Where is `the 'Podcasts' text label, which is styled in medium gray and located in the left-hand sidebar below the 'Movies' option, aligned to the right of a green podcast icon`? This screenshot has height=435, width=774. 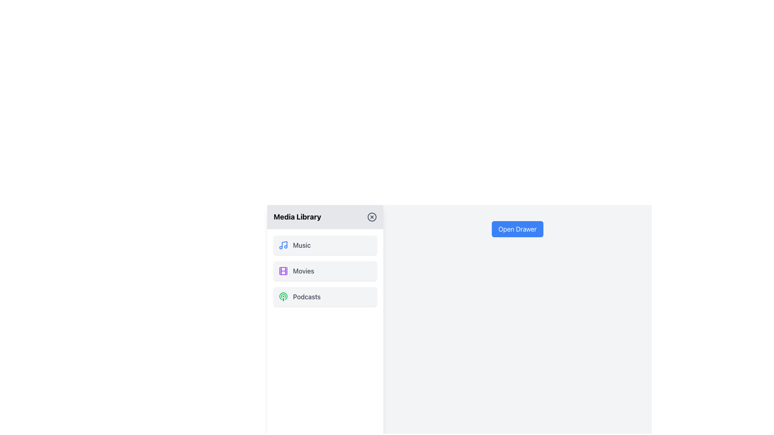 the 'Podcasts' text label, which is styled in medium gray and located in the left-hand sidebar below the 'Movies' option, aligned to the right of a green podcast icon is located at coordinates (306, 296).